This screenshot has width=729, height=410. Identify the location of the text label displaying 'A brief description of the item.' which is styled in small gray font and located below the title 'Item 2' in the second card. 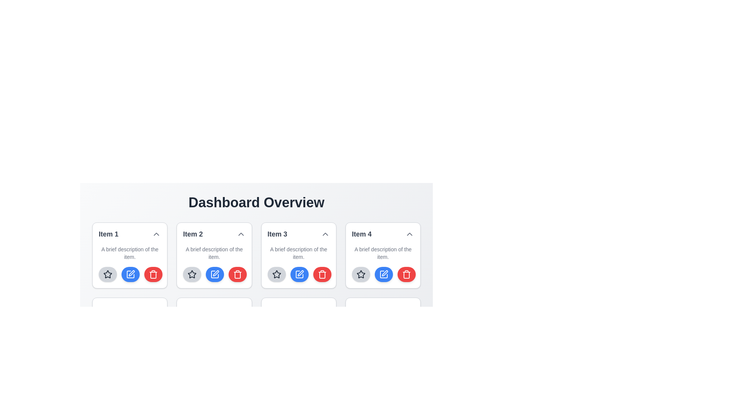
(214, 253).